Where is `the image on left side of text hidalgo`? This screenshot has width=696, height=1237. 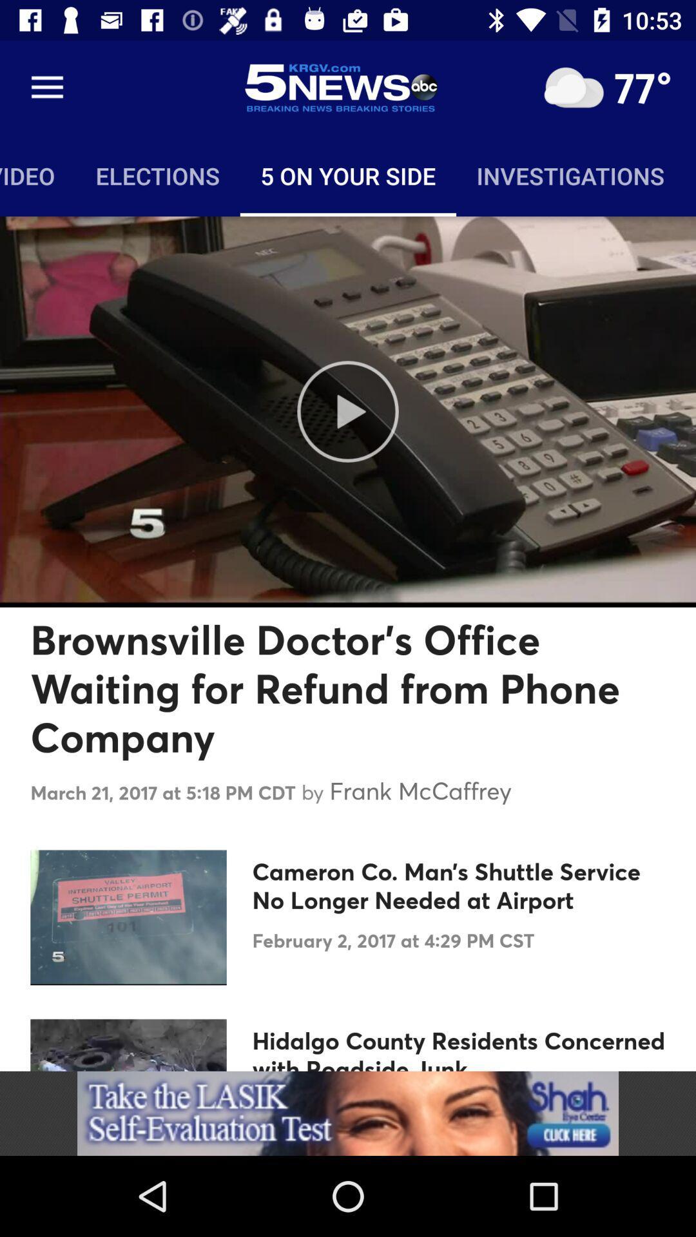
the image on left side of text hidalgo is located at coordinates (128, 1045).